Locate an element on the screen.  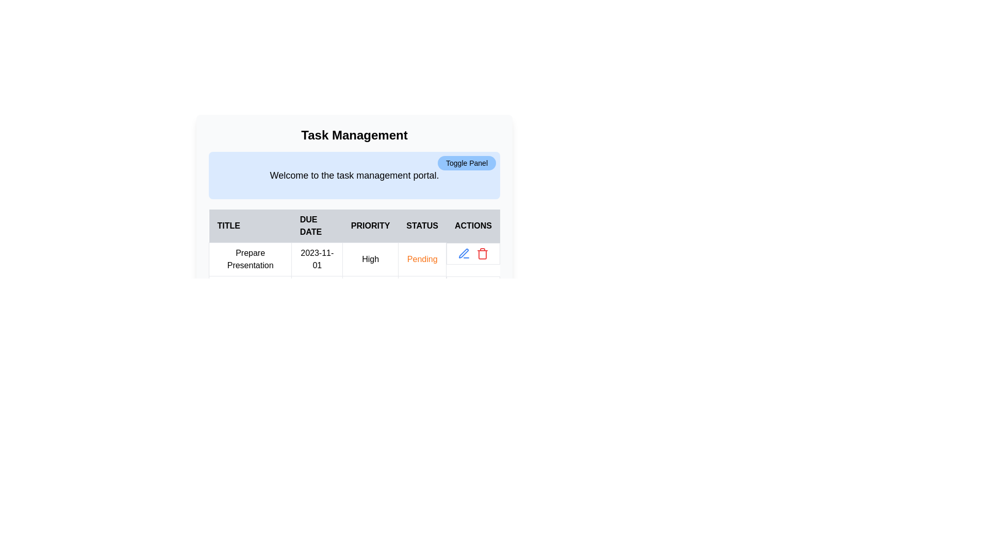
the text label displaying 'Prepare Presentation', which is a horizontally centered text block within the first column of a table under the 'TITLE' header is located at coordinates (250, 259).